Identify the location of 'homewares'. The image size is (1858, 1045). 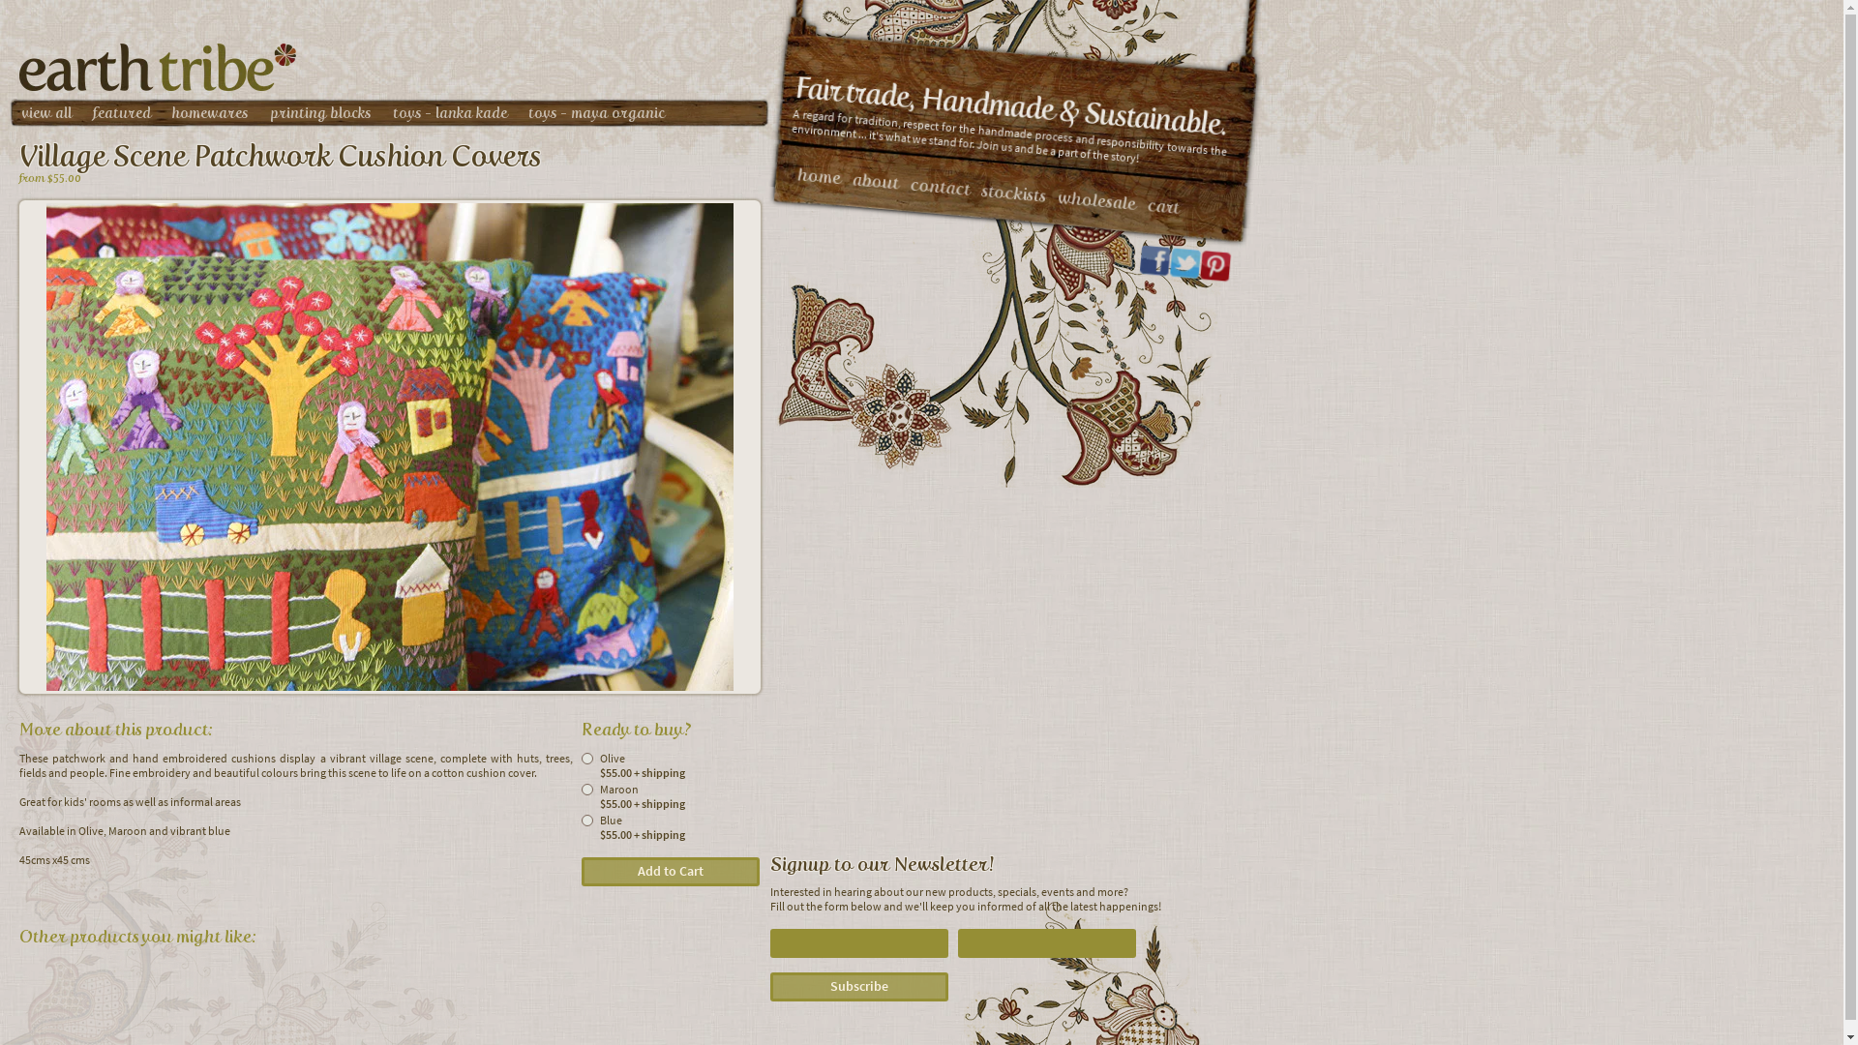
(210, 112).